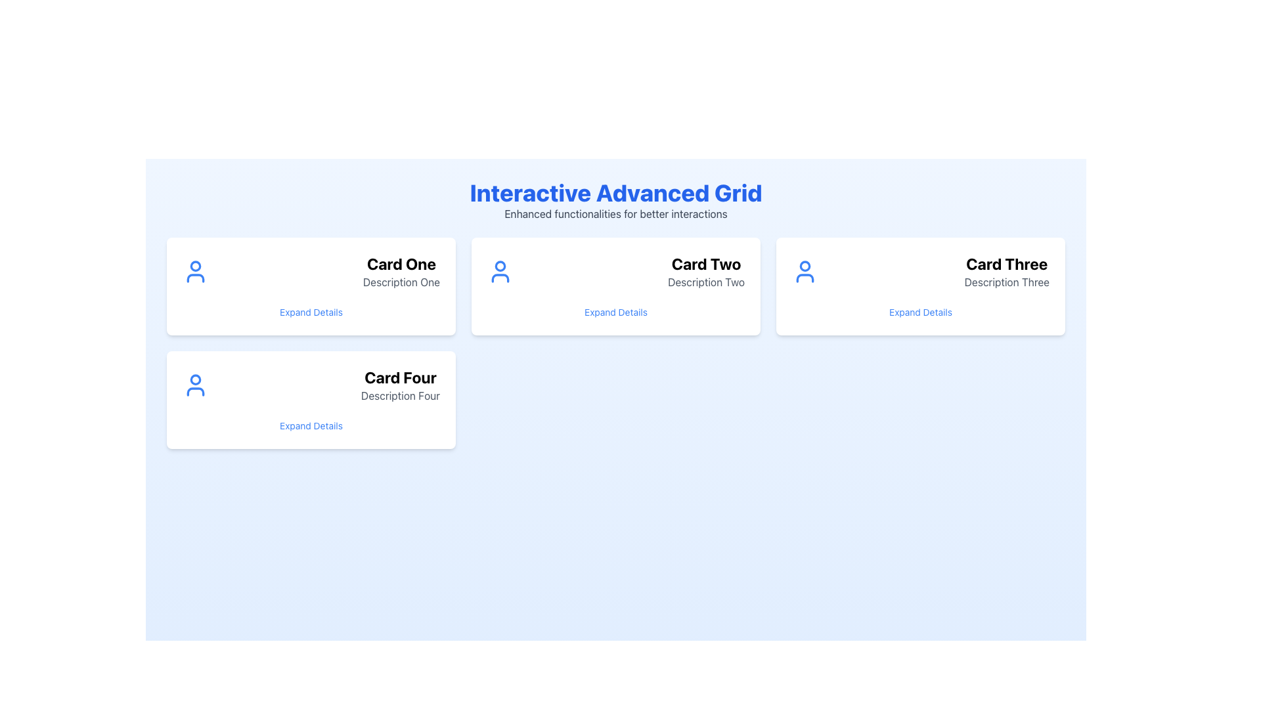 The height and width of the screenshot is (709, 1261). I want to click on the Informative Card labeled 'Card Two', located in the top row of the grid layout, to interact with its 'Expand Details' link, so click(615, 286).